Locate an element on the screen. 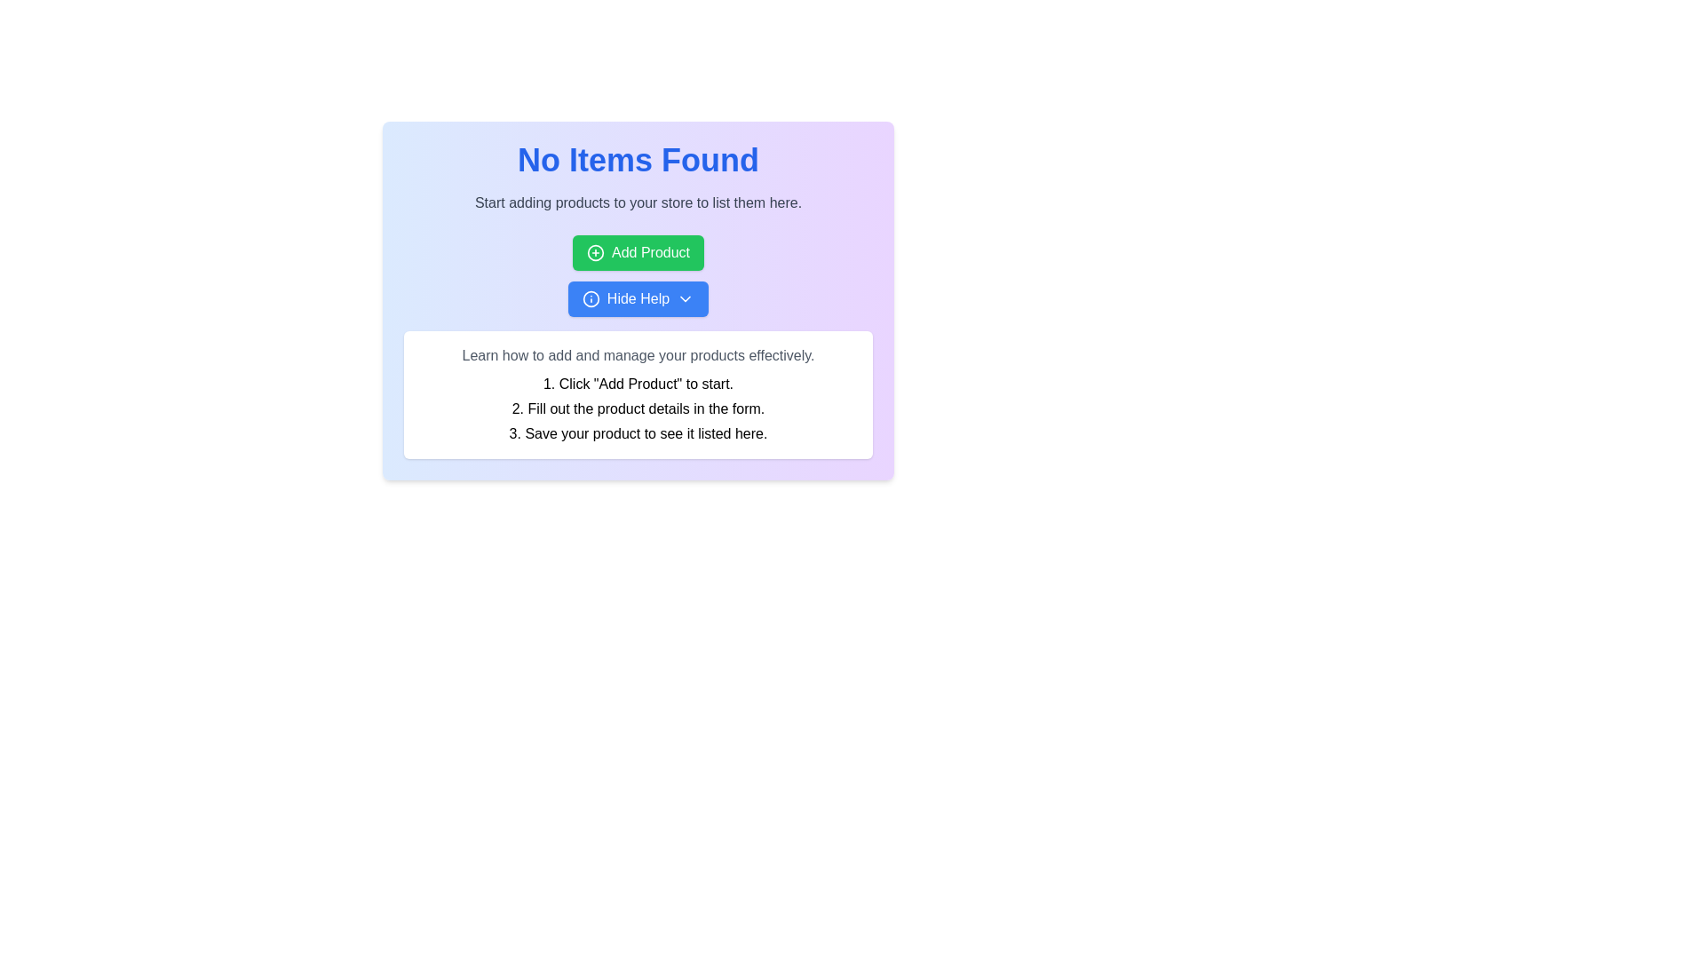  the SVG icon that signifies help or information, located to the left side of the text 'Hide Help' within its button, positioned below the 'Add Product' button is located at coordinates (591, 297).